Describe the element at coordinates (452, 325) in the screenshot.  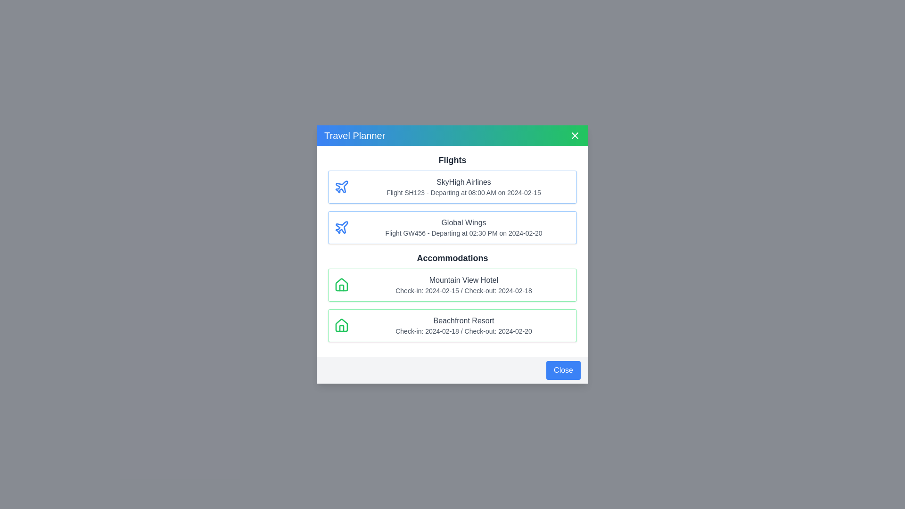
I see `the list item component labeled 'Beachfront Resort' with a light green border and a green house icon` at that location.